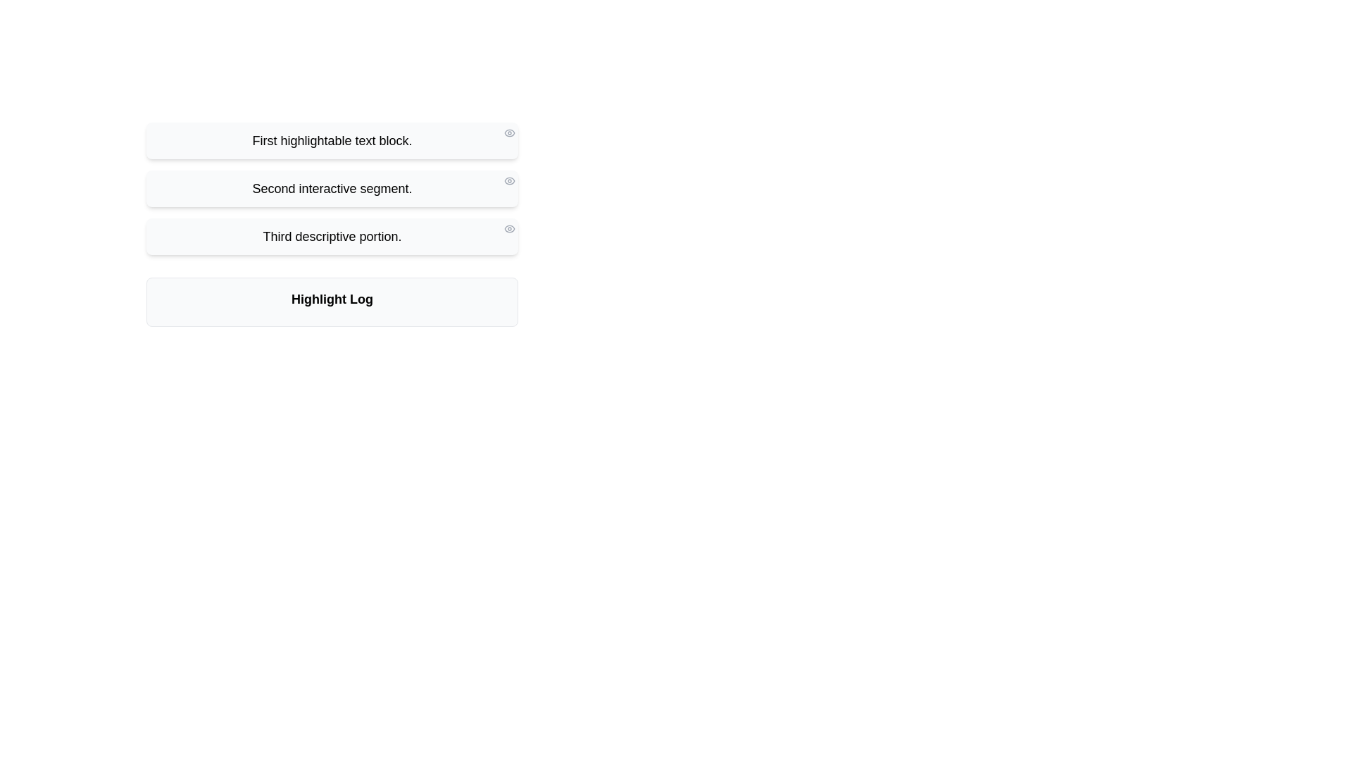 Image resolution: width=1352 pixels, height=761 pixels. What do you see at coordinates (331, 224) in the screenshot?
I see `the third text block containing the text 'Third descriptive portion.'` at bounding box center [331, 224].